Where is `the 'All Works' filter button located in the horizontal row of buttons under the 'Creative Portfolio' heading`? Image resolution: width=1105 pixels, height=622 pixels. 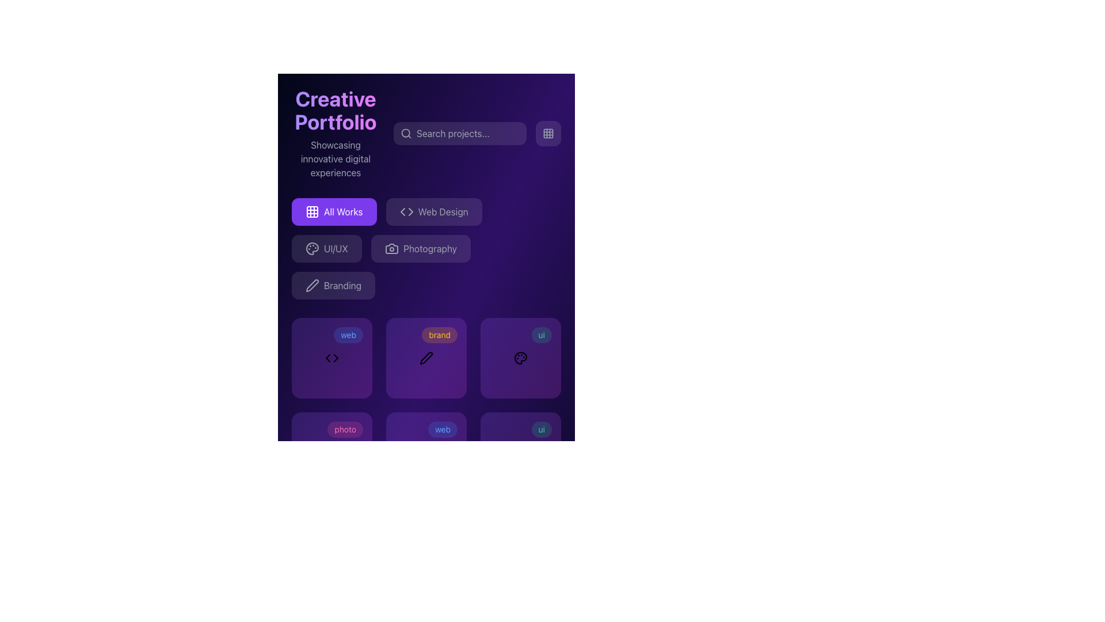
the 'All Works' filter button located in the horizontal row of buttons under the 'Creative Portfolio' heading is located at coordinates (333, 211).